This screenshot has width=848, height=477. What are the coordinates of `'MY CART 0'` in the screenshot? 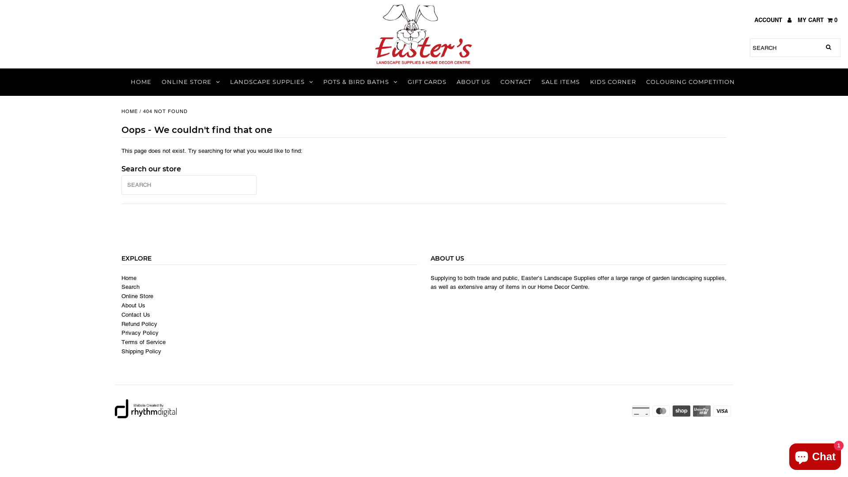 It's located at (817, 20).